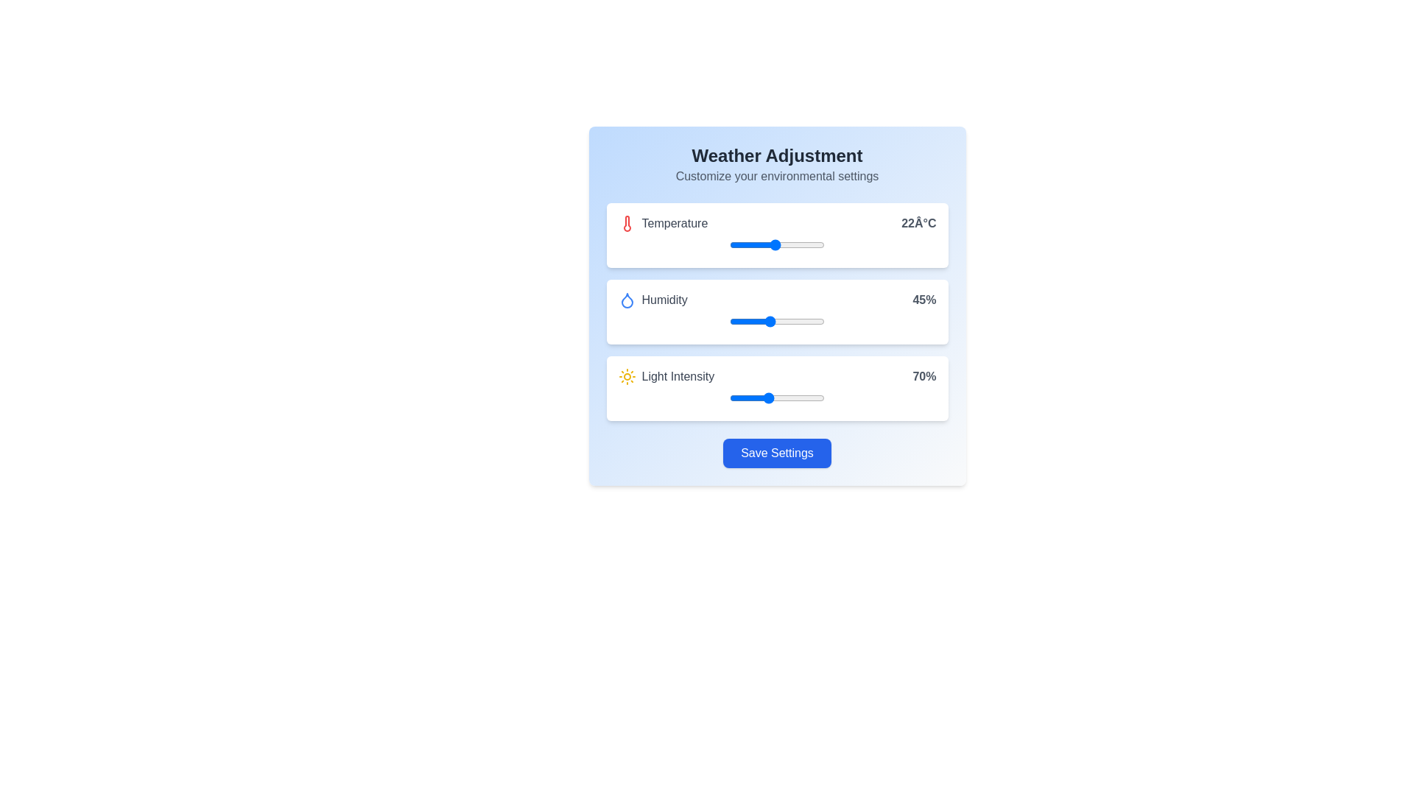 The height and width of the screenshot is (795, 1414). Describe the element at coordinates (789, 320) in the screenshot. I see `the humidity` at that location.